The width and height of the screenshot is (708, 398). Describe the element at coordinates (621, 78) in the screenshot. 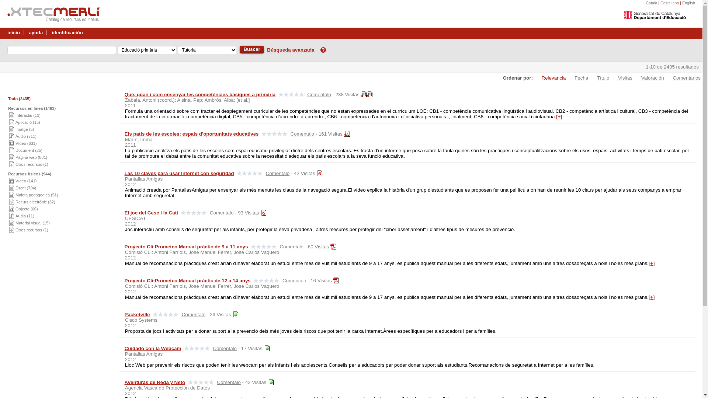

I see `'Visitas'` at that location.